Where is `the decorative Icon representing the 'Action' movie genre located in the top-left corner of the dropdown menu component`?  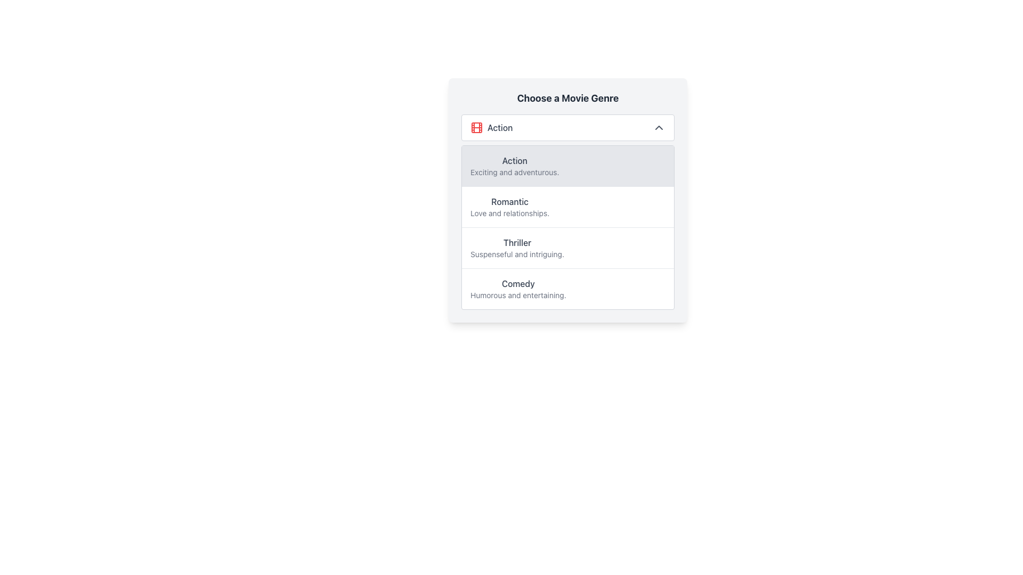 the decorative Icon representing the 'Action' movie genre located in the top-left corner of the dropdown menu component is located at coordinates (476, 127).